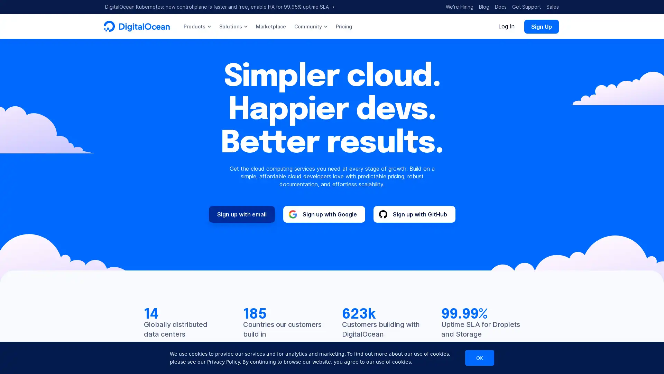  What do you see at coordinates (541, 26) in the screenshot?
I see `Sign Up` at bounding box center [541, 26].